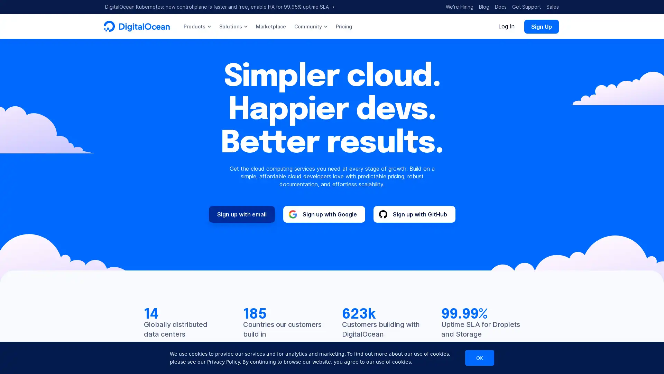  What do you see at coordinates (541, 26) in the screenshot?
I see `Sign Up` at bounding box center [541, 26].